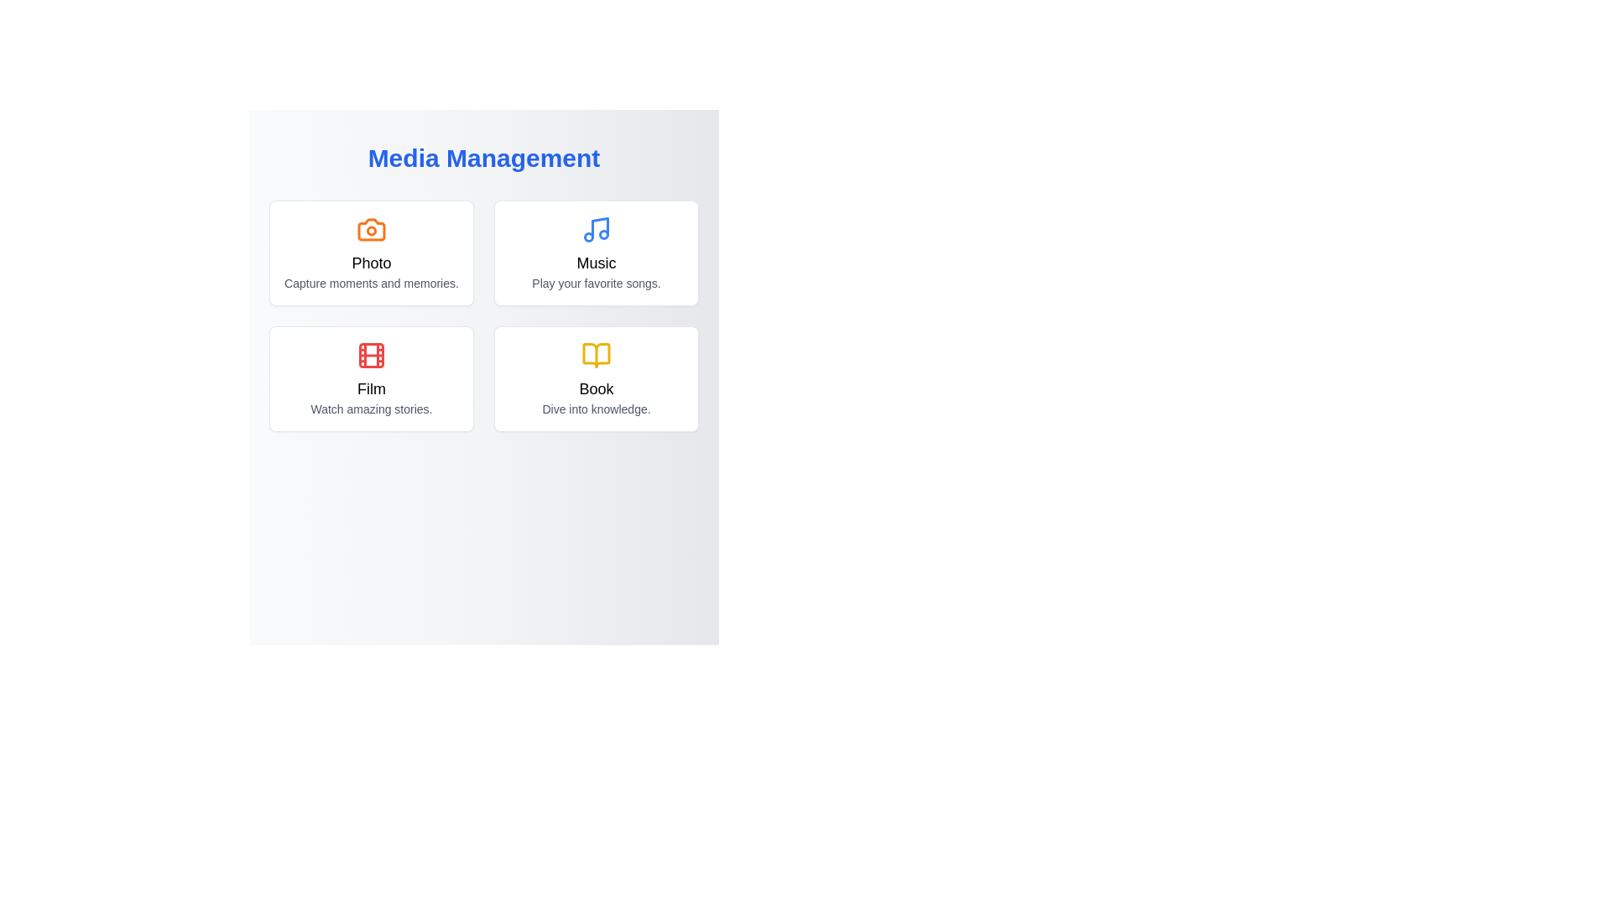 The image size is (1611, 906). What do you see at coordinates (482, 164) in the screenshot?
I see `the header text element that indicates the content or theme of the section, positioned centrally above the grid layout containing 'Photo', 'Music', 'Film', and 'Book'` at bounding box center [482, 164].